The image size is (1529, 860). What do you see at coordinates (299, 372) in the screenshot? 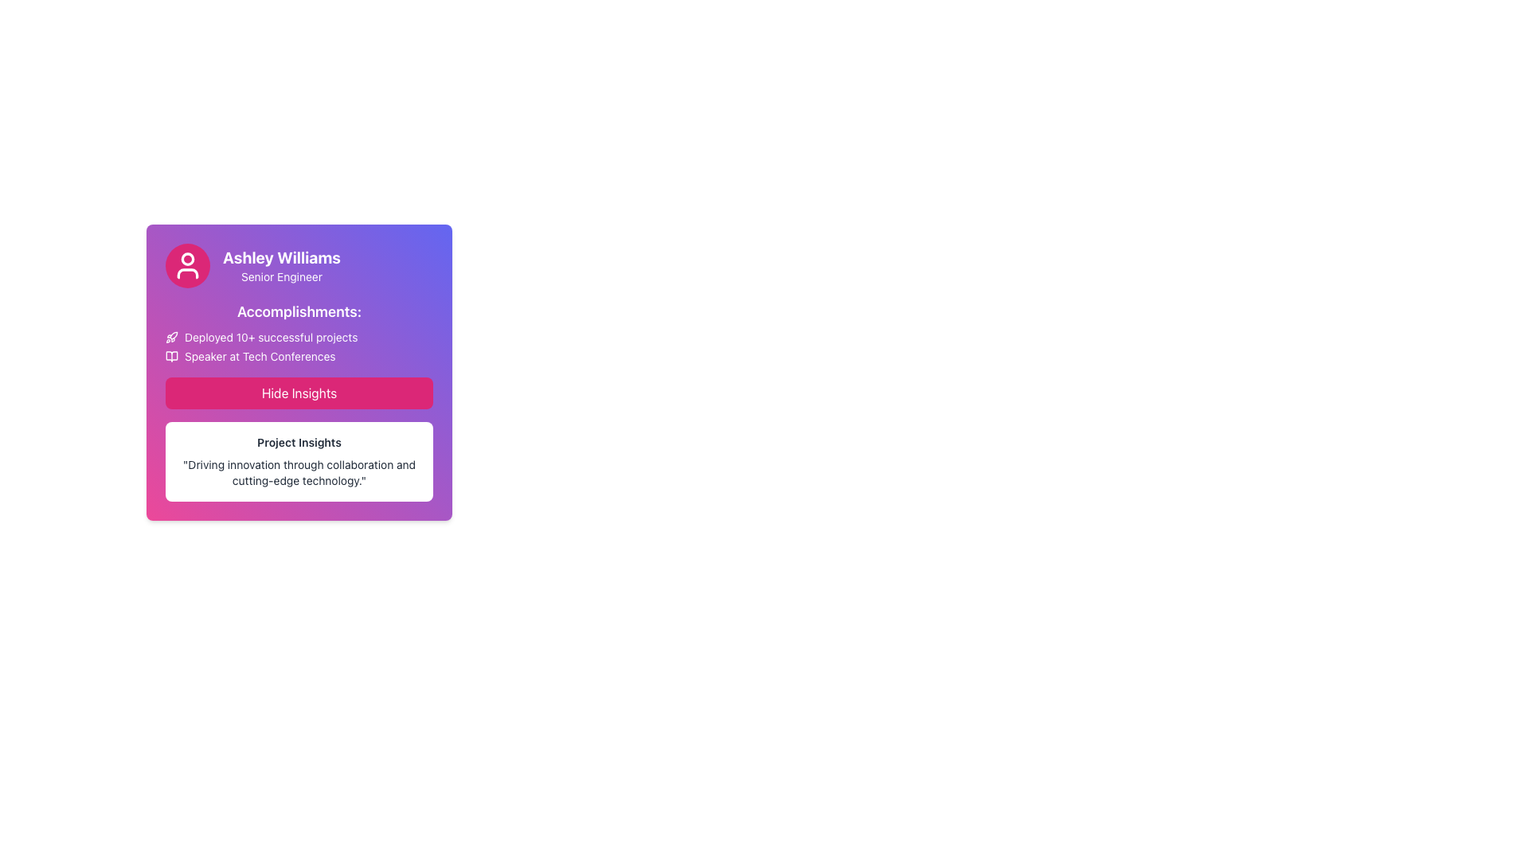
I see `user profile information displayed in the Card component, which includes their position, accomplishments, and a call-to-action button` at bounding box center [299, 372].